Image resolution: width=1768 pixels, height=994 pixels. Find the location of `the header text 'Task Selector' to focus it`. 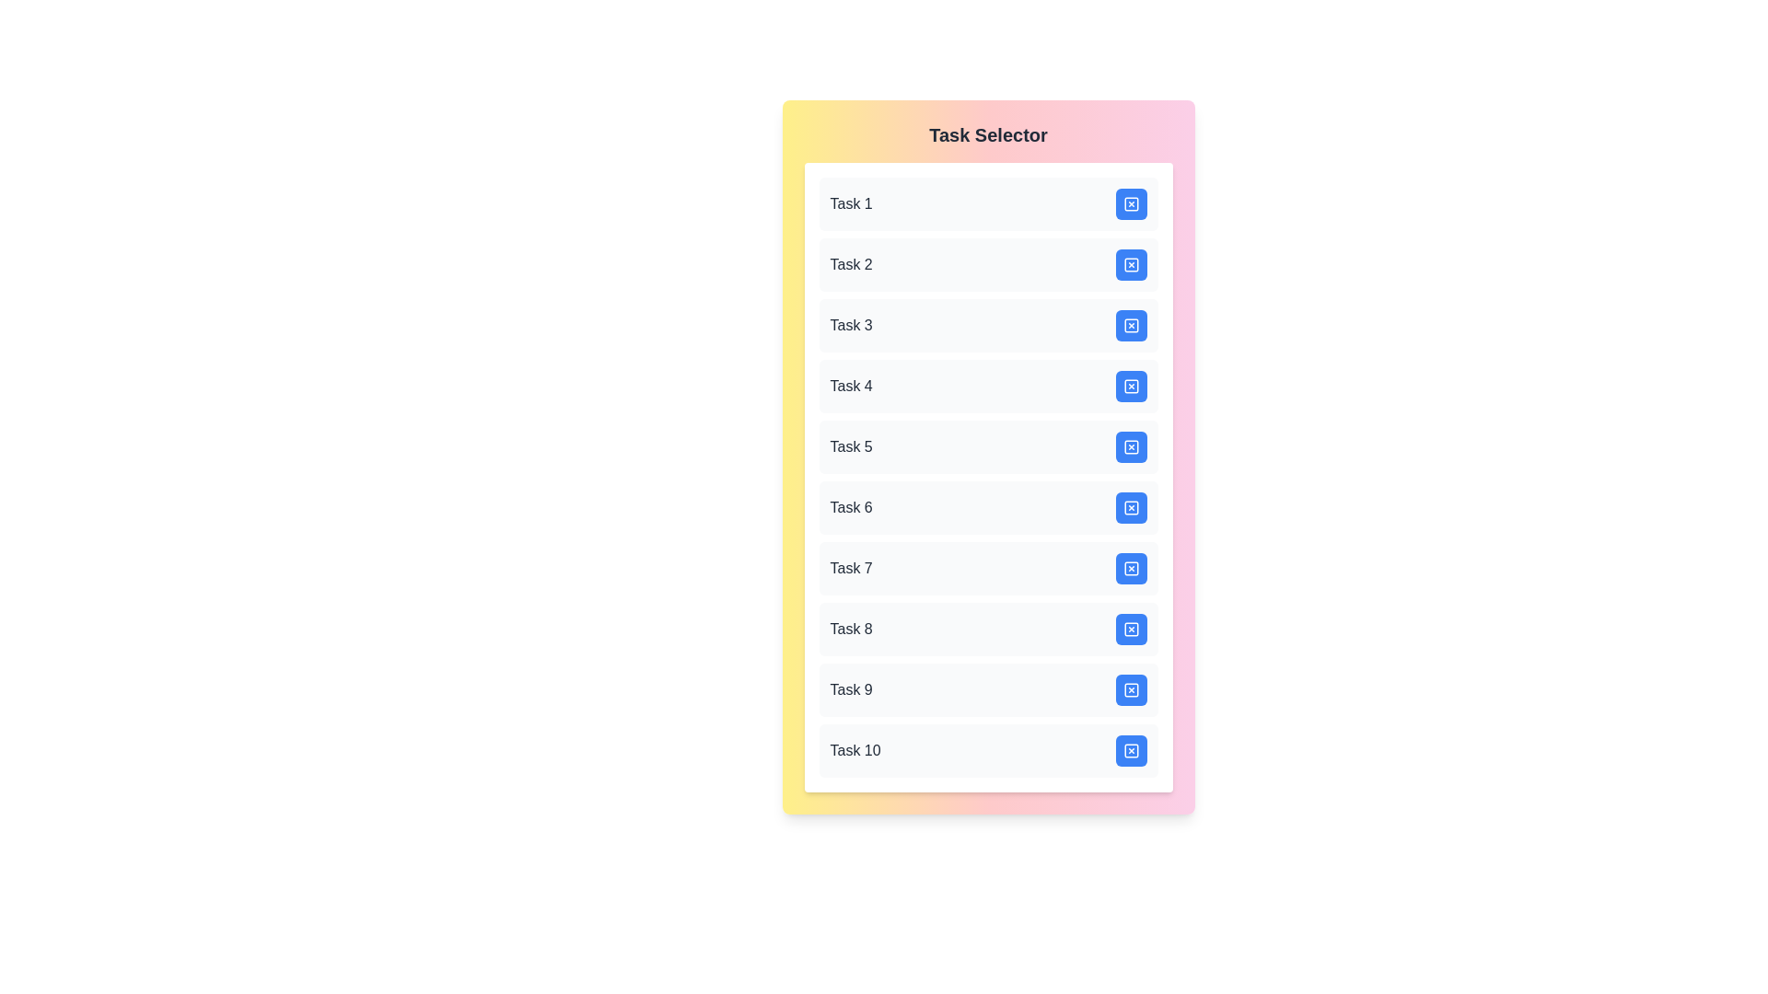

the header text 'Task Selector' to focus it is located at coordinates (987, 133).